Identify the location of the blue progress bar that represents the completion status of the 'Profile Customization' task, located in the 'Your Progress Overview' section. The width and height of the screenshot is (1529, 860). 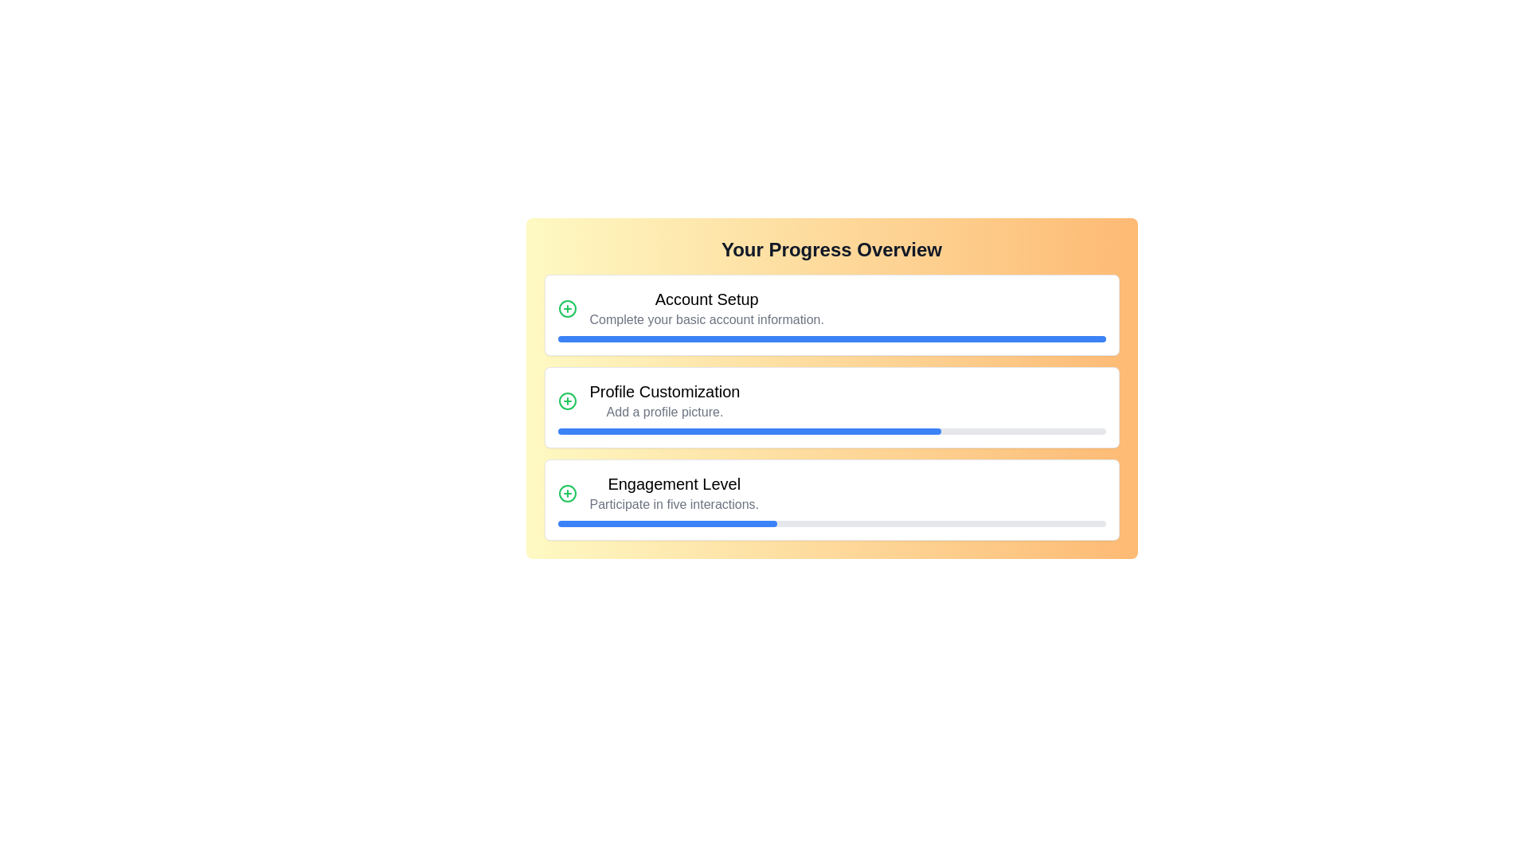
(749, 432).